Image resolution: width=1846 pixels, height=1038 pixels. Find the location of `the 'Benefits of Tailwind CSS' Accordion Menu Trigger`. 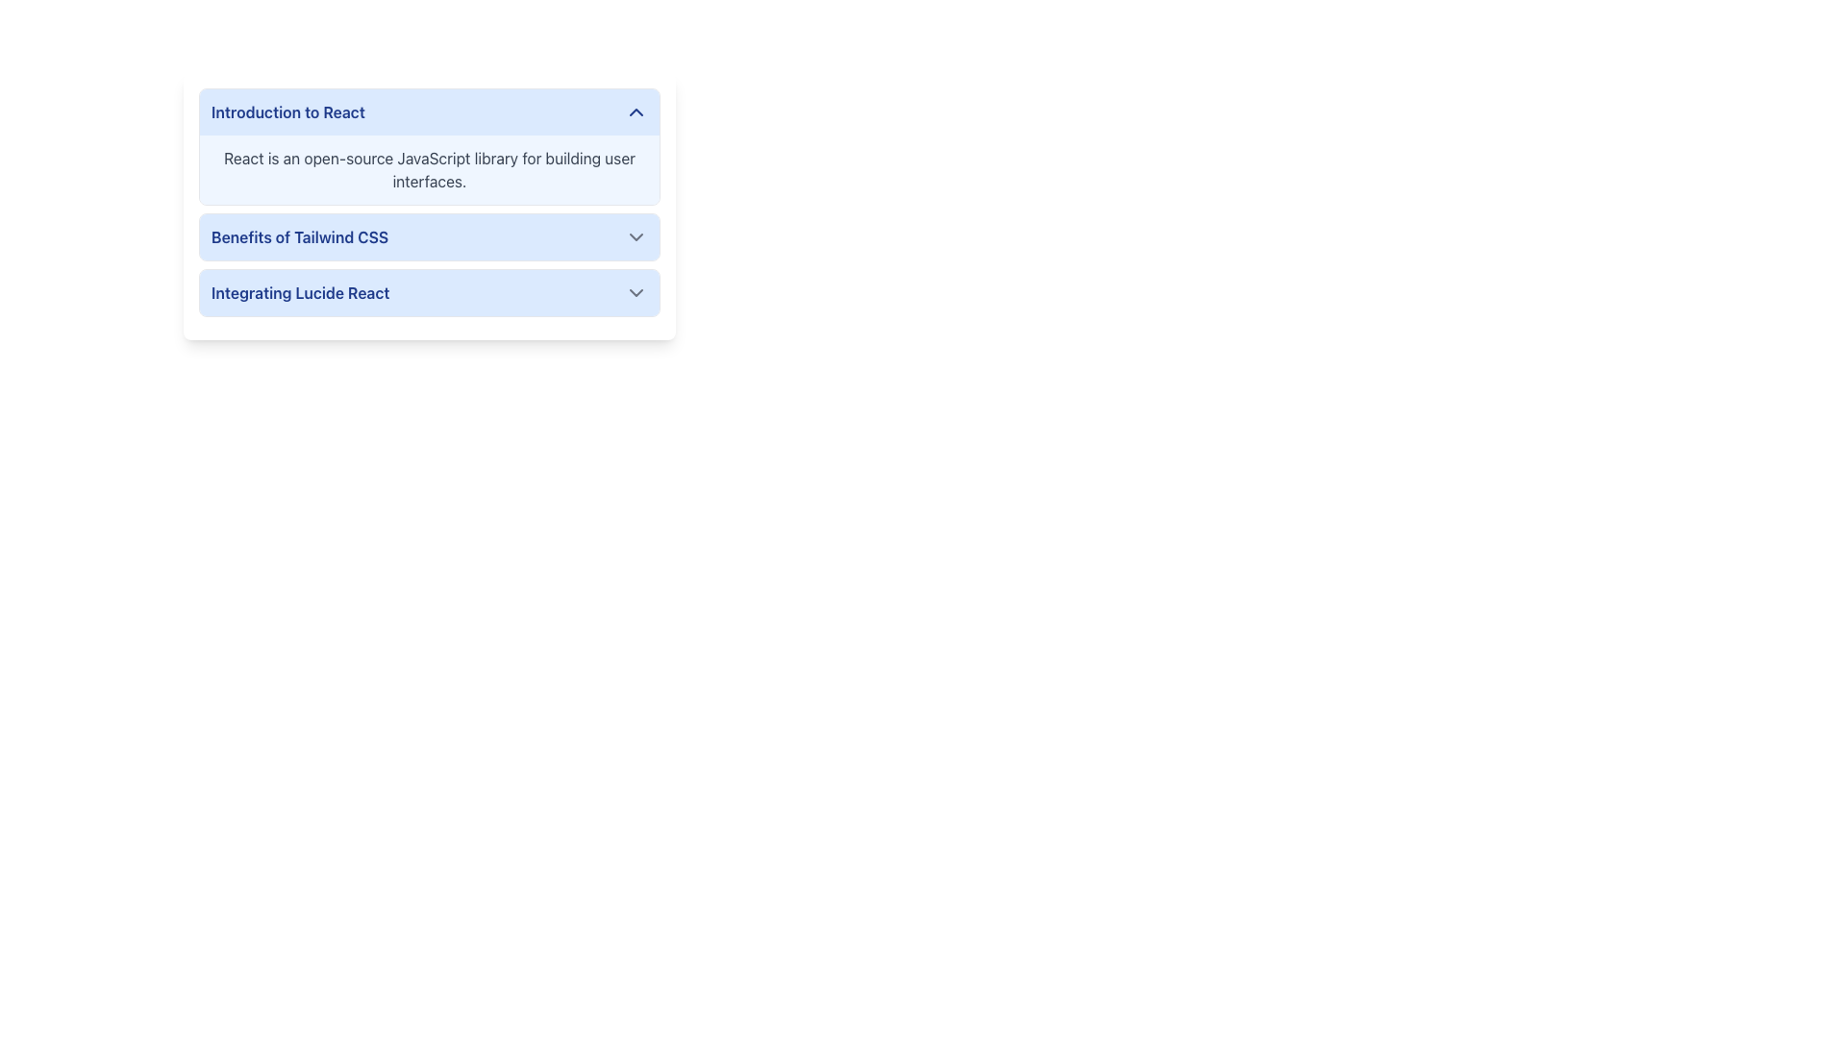

the 'Benefits of Tailwind CSS' Accordion Menu Trigger is located at coordinates (428, 235).